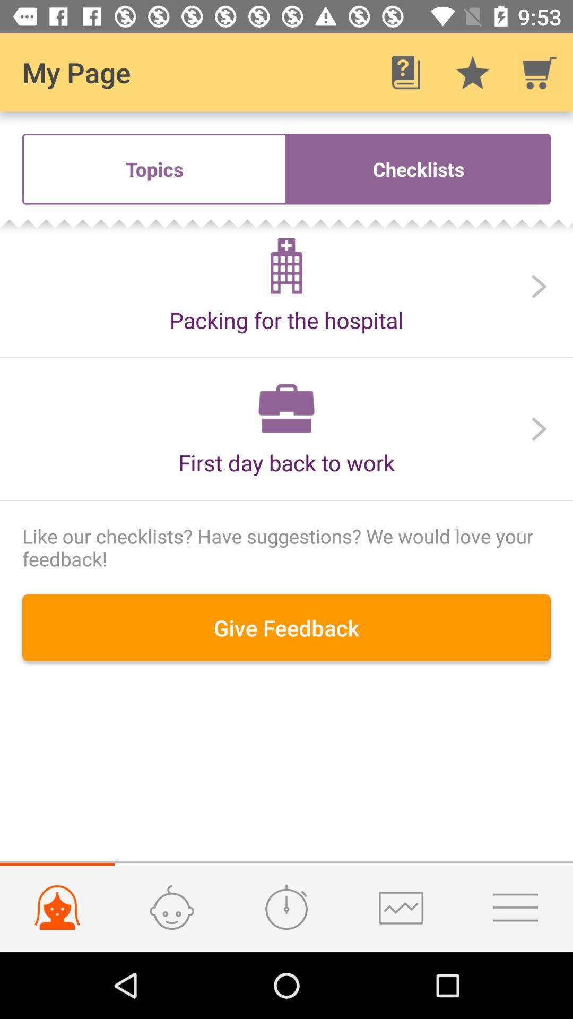 Image resolution: width=573 pixels, height=1019 pixels. Describe the element at coordinates (154, 168) in the screenshot. I see `topics item` at that location.